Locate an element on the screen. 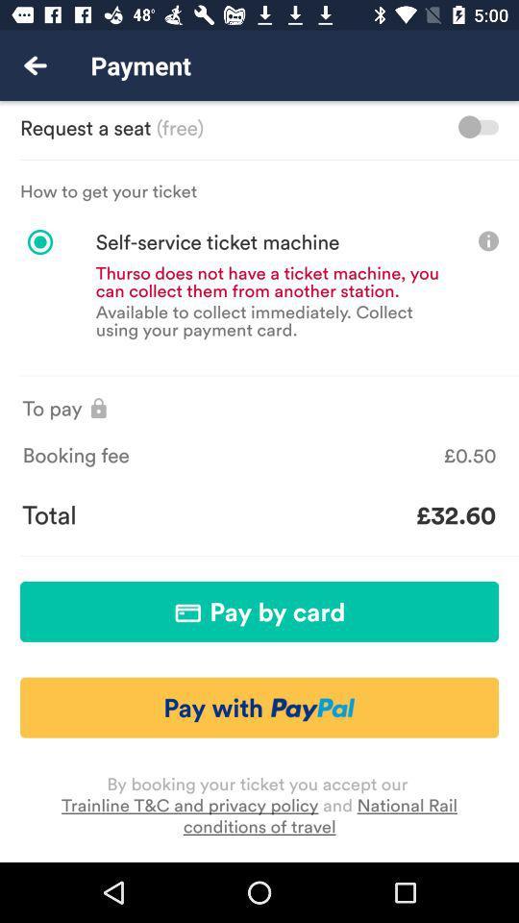 This screenshot has width=519, height=923. item next to the (free) is located at coordinates (477, 126).